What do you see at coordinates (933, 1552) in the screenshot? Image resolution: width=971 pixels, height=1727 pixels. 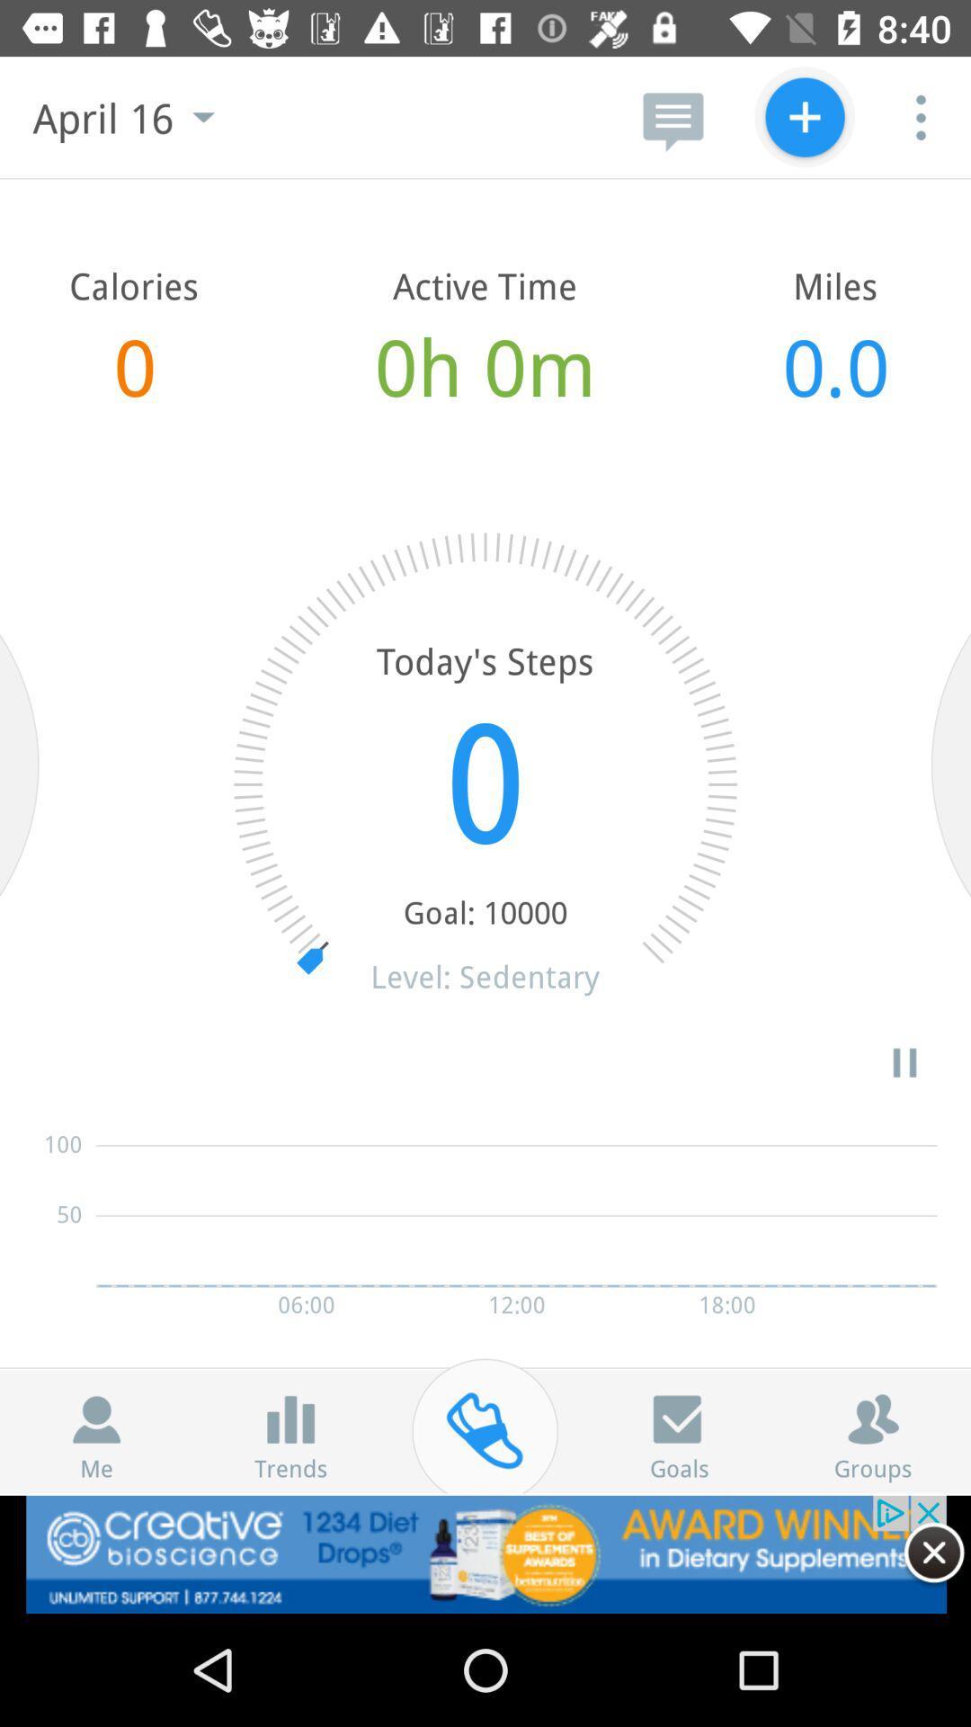 I see `the close icon` at bounding box center [933, 1552].